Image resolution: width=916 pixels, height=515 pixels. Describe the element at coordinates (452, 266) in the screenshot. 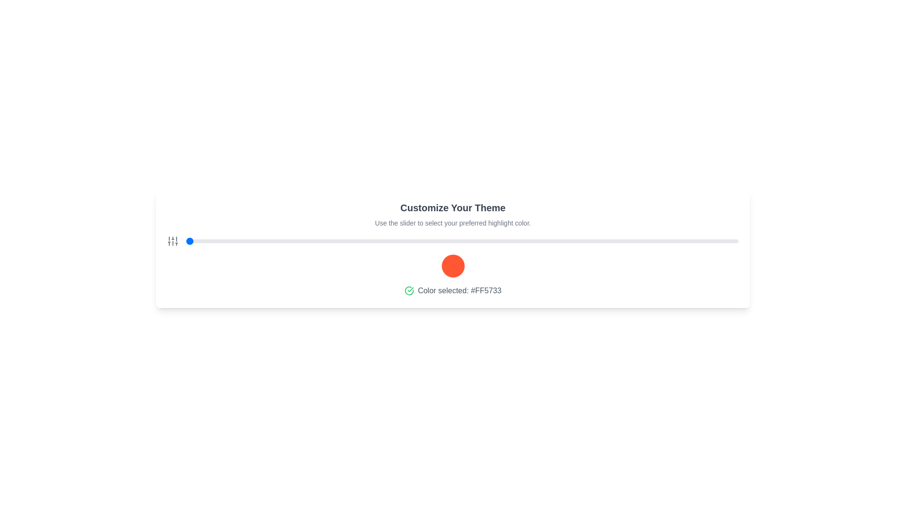

I see `the Color Preview Circle, which is a circular element with a diameter of 48 pixels and filled with the color rgb(255, 87, 51), located in the 'Customize Your Theme' section` at that location.